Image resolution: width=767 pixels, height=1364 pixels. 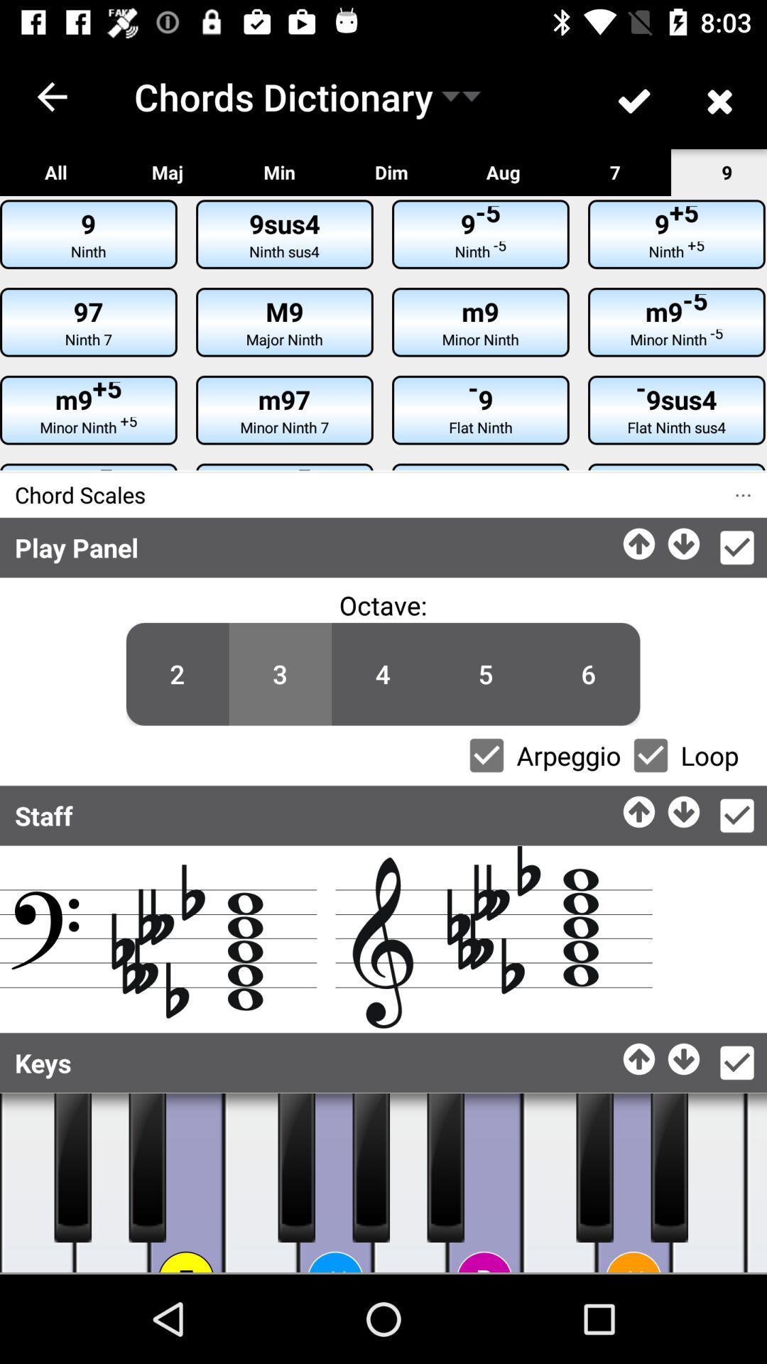 What do you see at coordinates (147, 1167) in the screenshot?
I see `music board key` at bounding box center [147, 1167].